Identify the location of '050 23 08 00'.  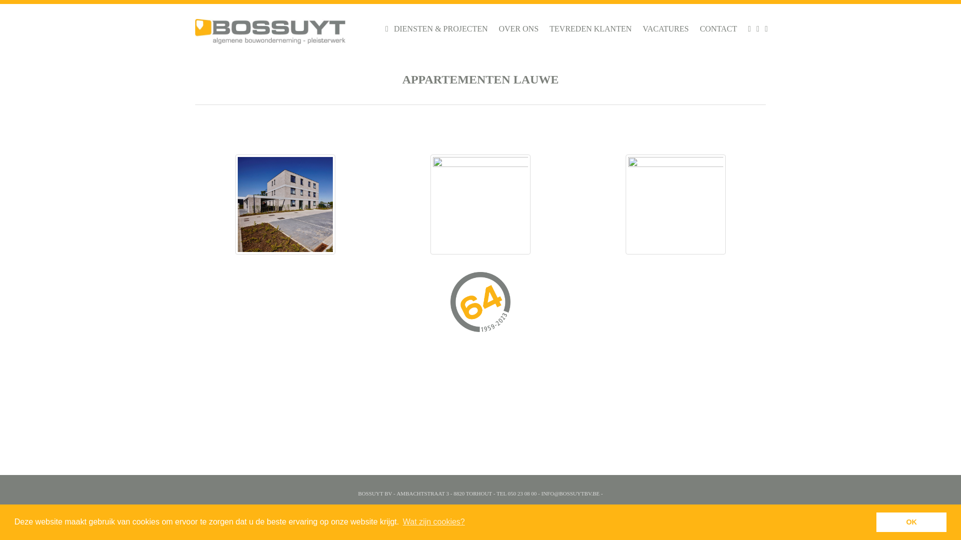
(508, 493).